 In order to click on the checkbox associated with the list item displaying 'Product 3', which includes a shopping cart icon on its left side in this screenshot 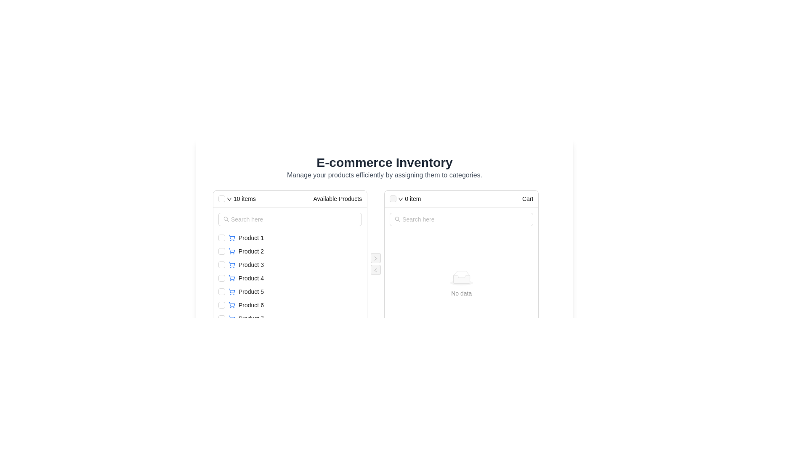, I will do `click(295, 264)`.